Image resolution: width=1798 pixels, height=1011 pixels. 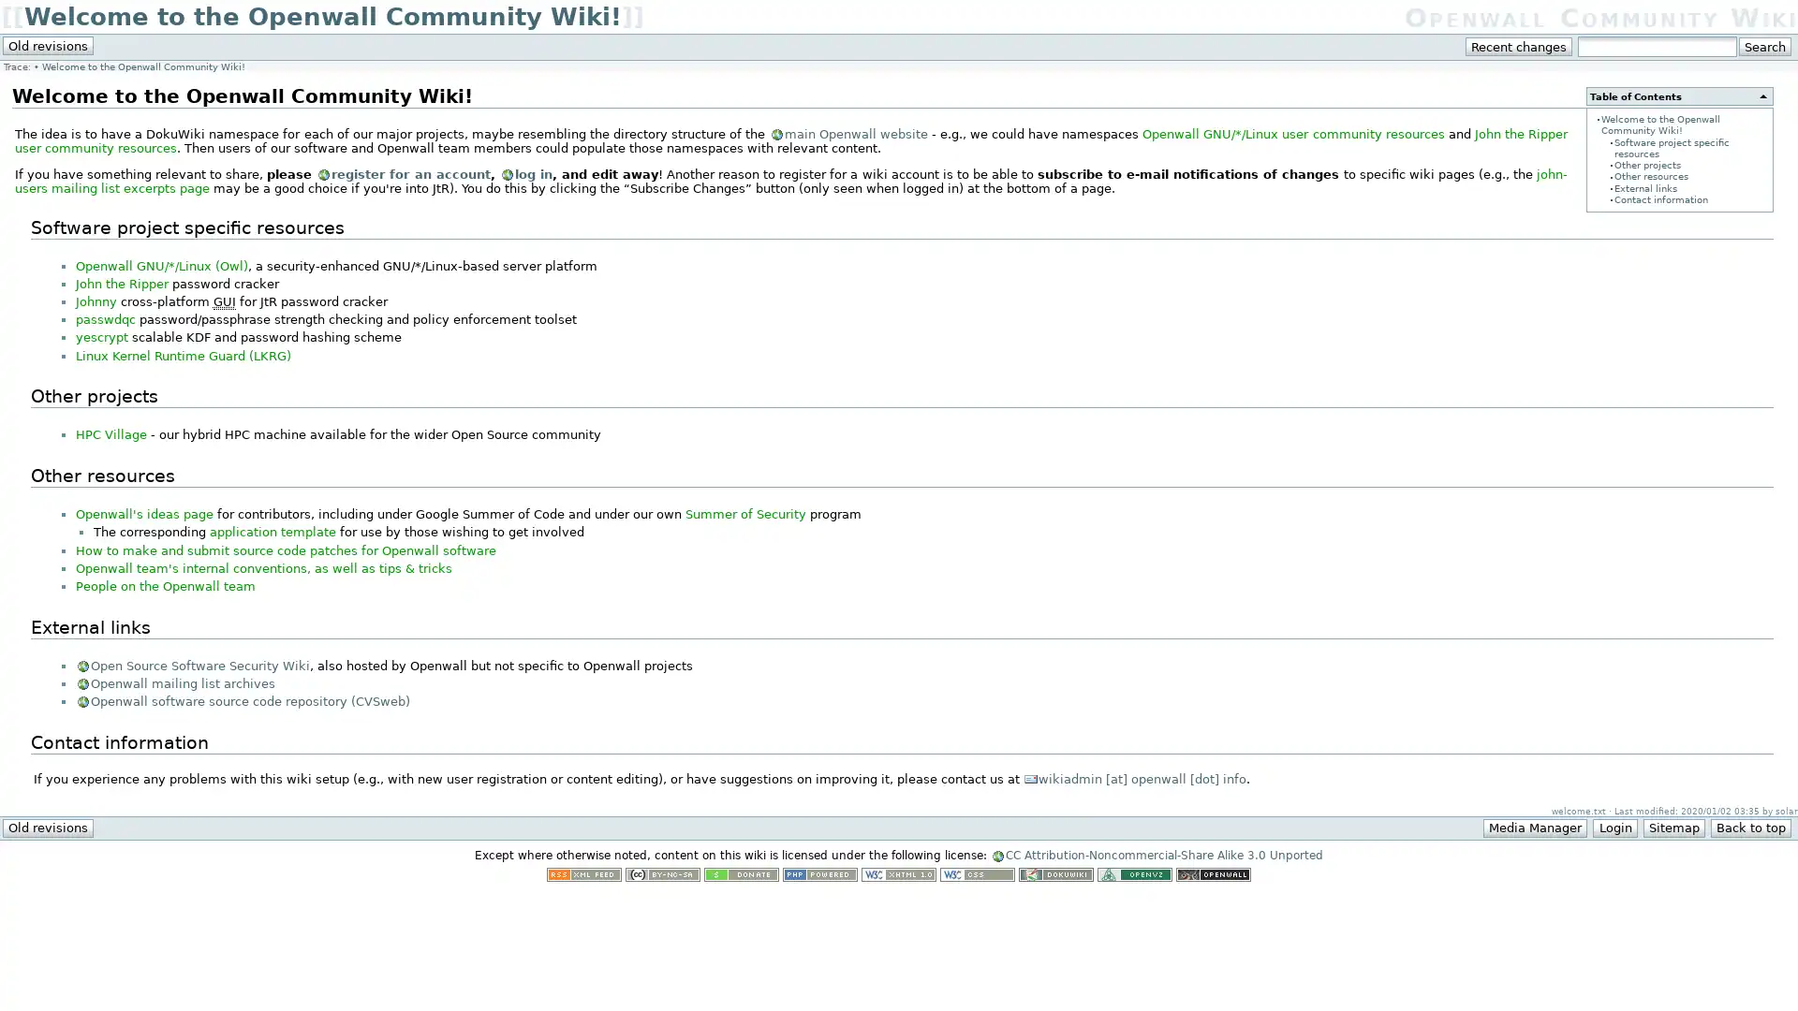 What do you see at coordinates (1749, 827) in the screenshot?
I see `Back to top` at bounding box center [1749, 827].